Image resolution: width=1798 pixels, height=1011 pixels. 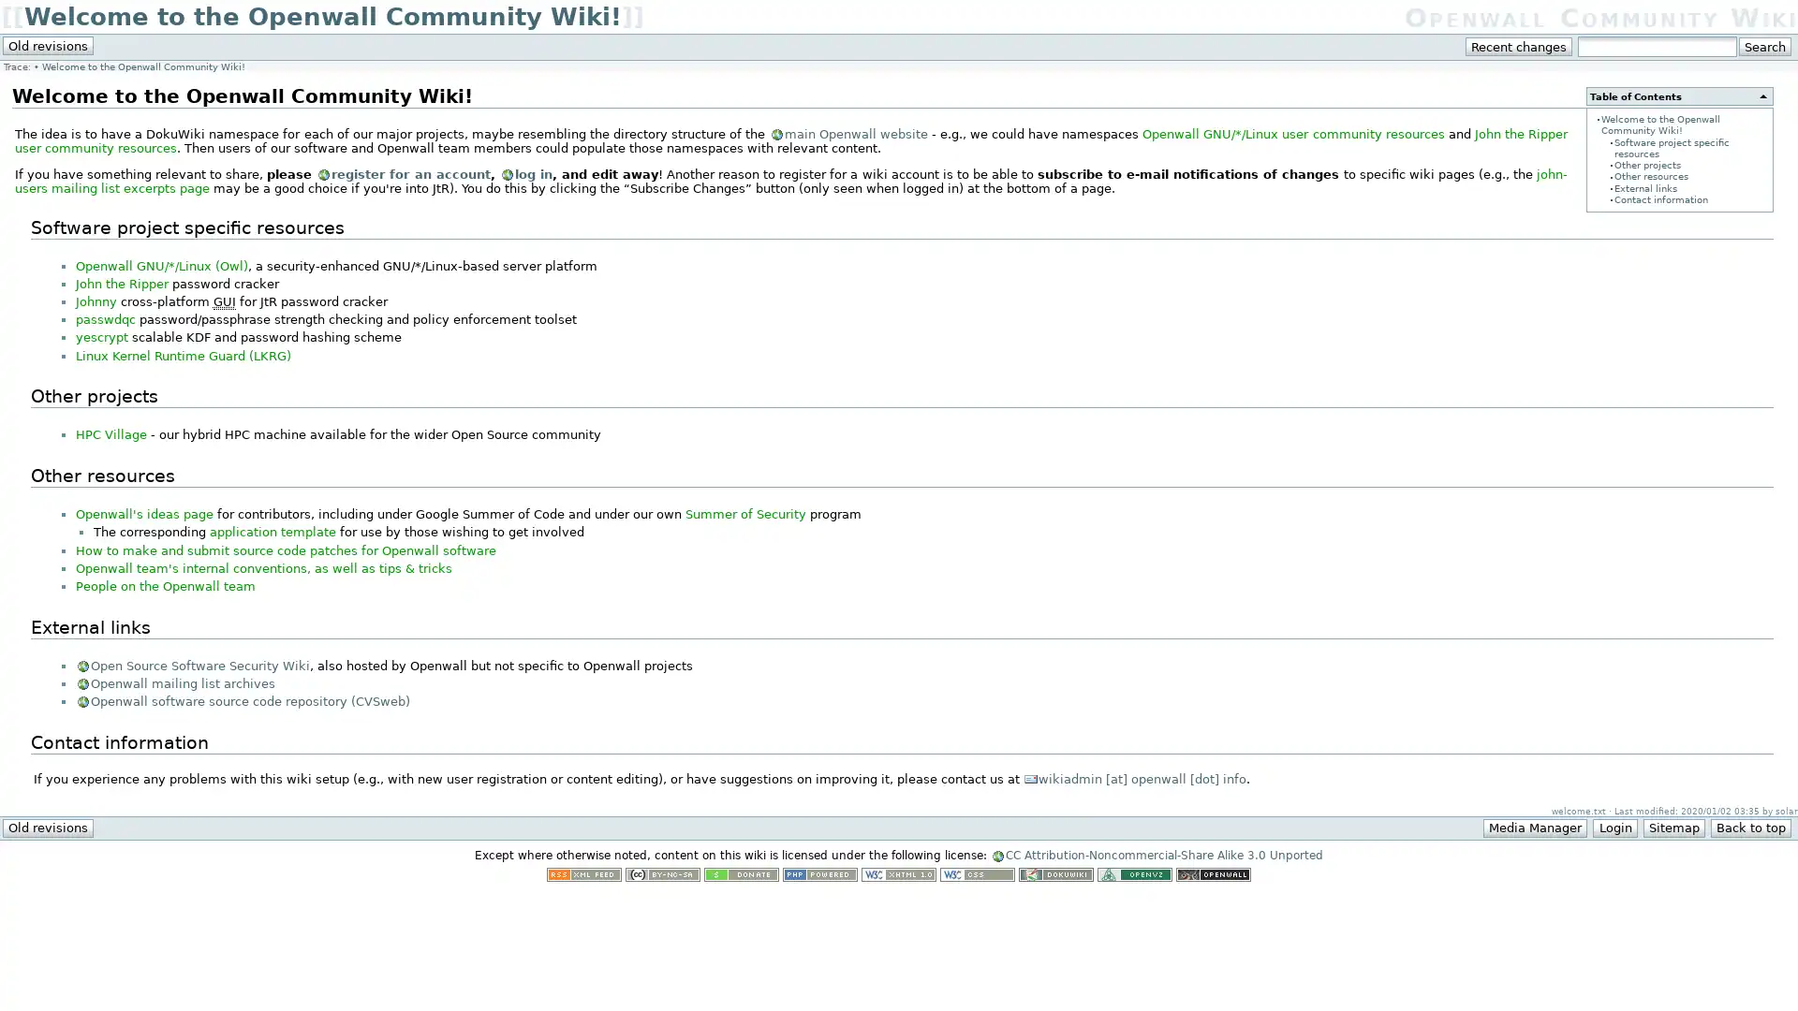 What do you see at coordinates (1749, 827) in the screenshot?
I see `Back to top` at bounding box center [1749, 827].